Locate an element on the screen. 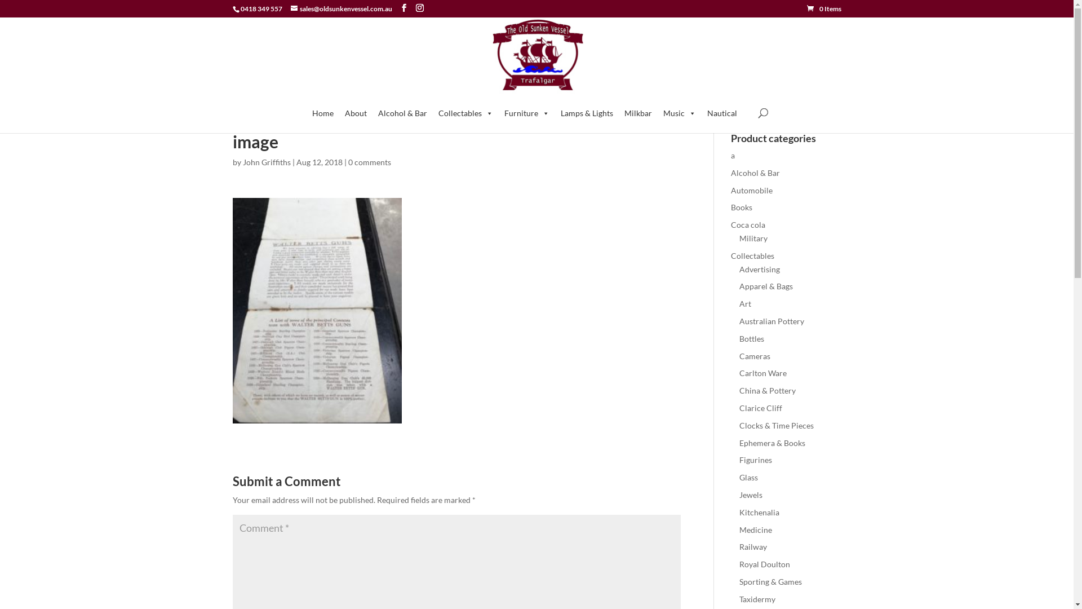  'Australian Pottery' is located at coordinates (771, 321).